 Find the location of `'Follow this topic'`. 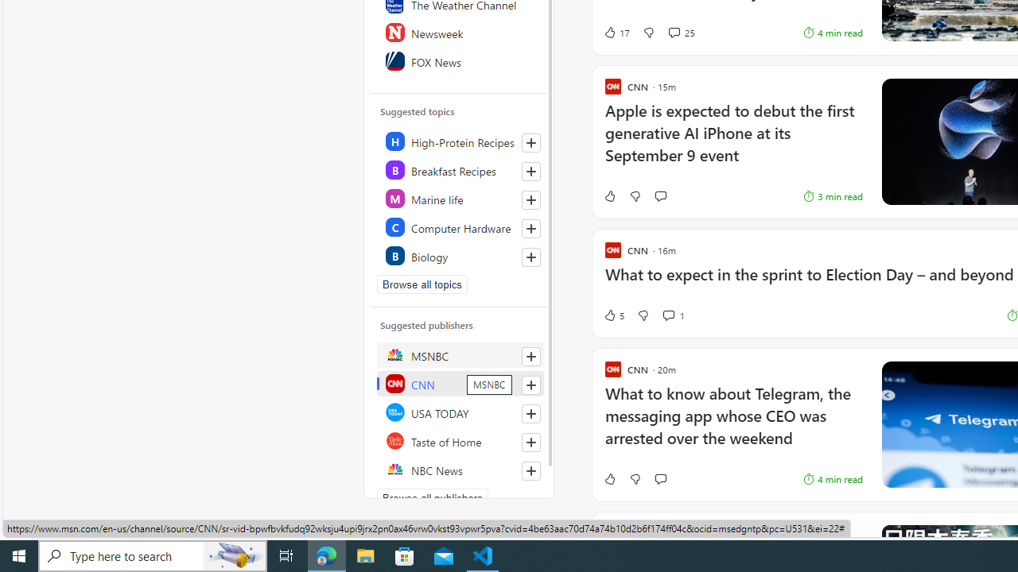

'Follow this topic' is located at coordinates (531, 257).